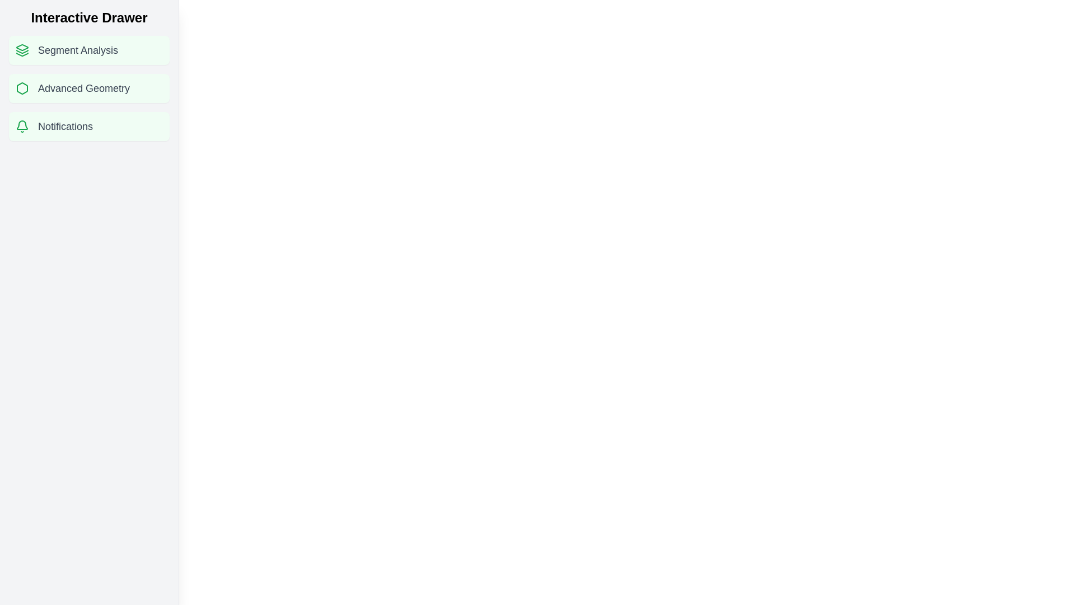 Image resolution: width=1075 pixels, height=605 pixels. Describe the element at coordinates (88, 49) in the screenshot. I see `the 'Segment Analysis' list item to reveal potential tooltips` at that location.